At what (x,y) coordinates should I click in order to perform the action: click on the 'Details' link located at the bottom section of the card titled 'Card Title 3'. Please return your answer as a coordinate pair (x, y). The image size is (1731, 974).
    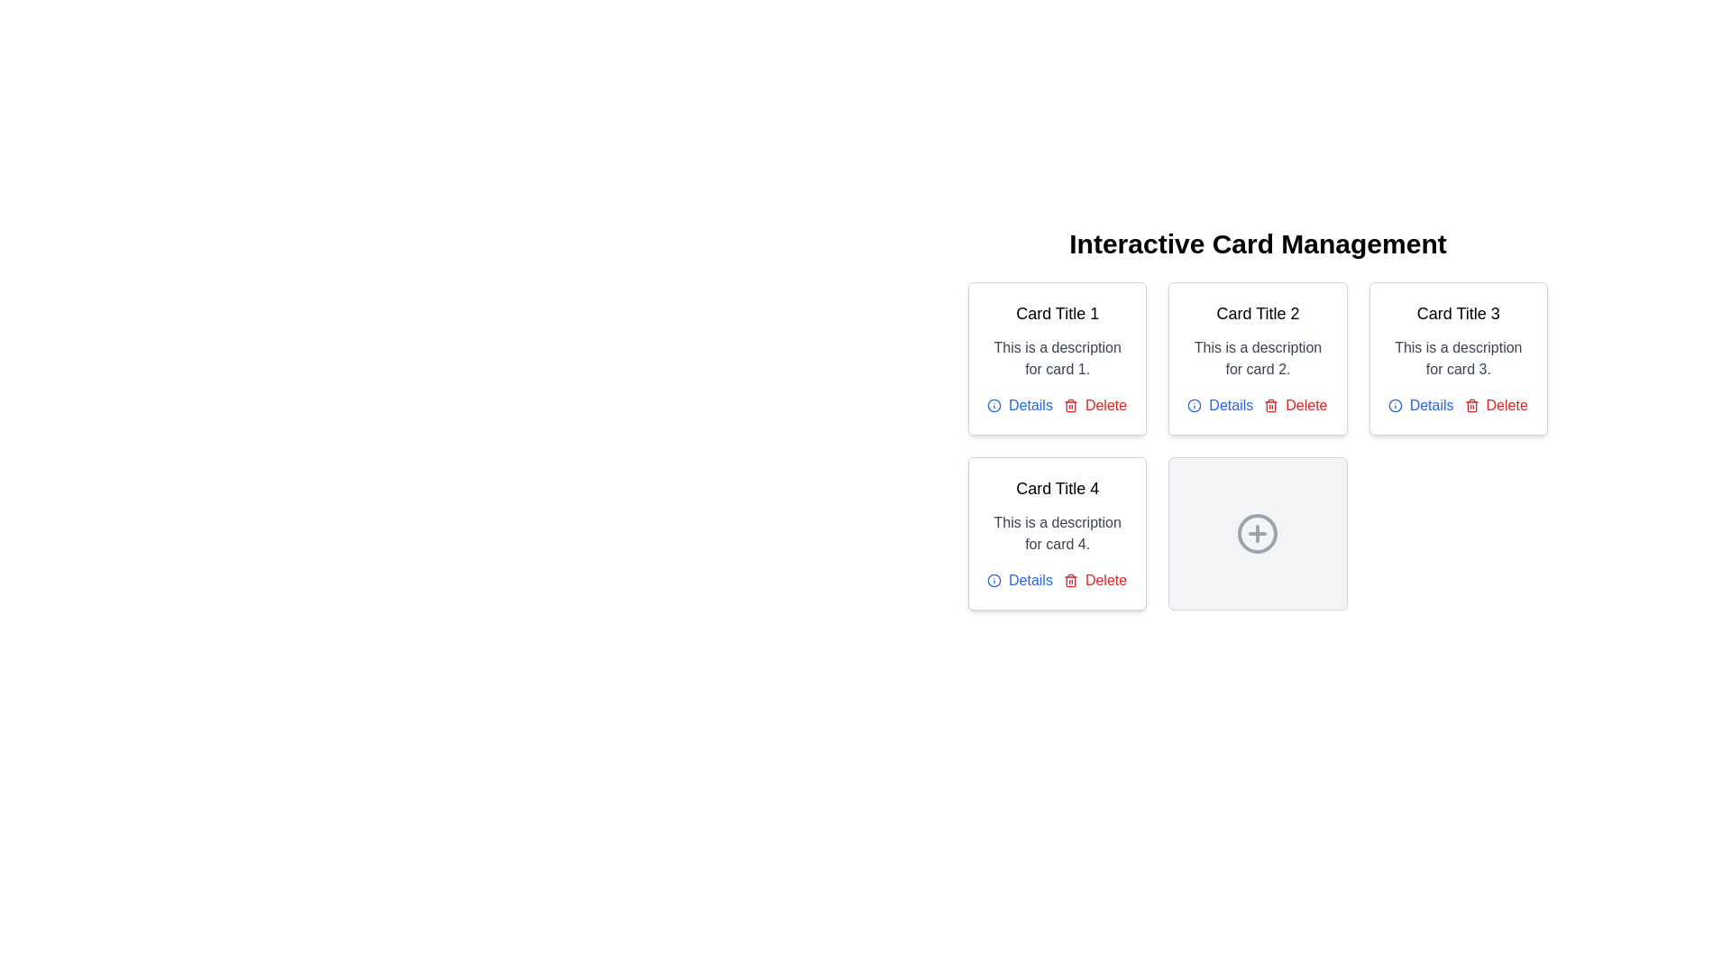
    Looking at the image, I should click on (1458, 406).